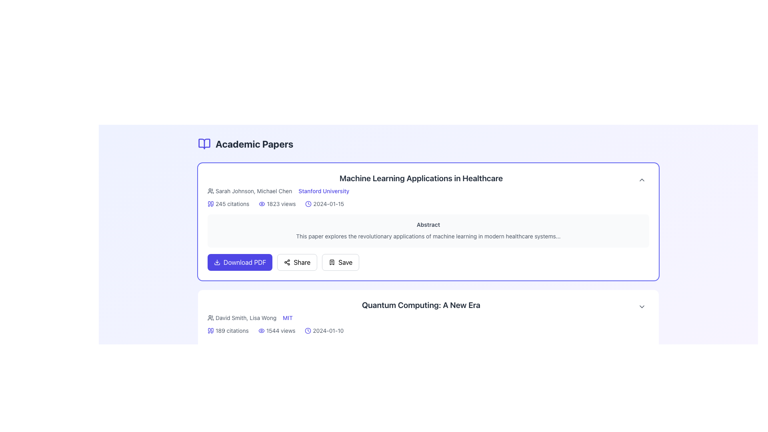  What do you see at coordinates (262, 203) in the screenshot?
I see `the eye icon that visually represents the view count, located to the left of the '1823 views' label in the upper part of the interface related to 'Machine Learning Applications in Healthcare'` at bounding box center [262, 203].